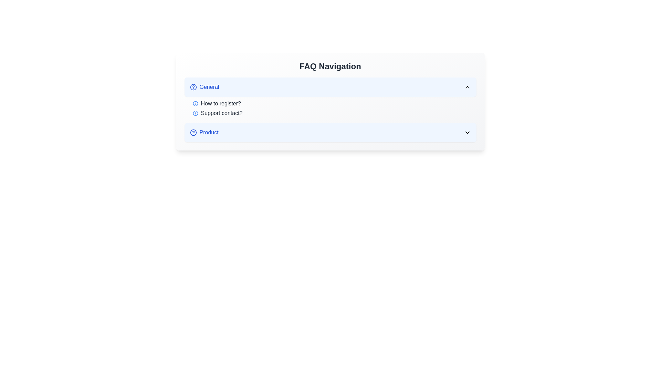 This screenshot has width=661, height=372. Describe the element at coordinates (193, 133) in the screenshot. I see `the circular icon element that is part of the question mark symbol in the 'Product' section of the FAQ navigation panel` at that location.